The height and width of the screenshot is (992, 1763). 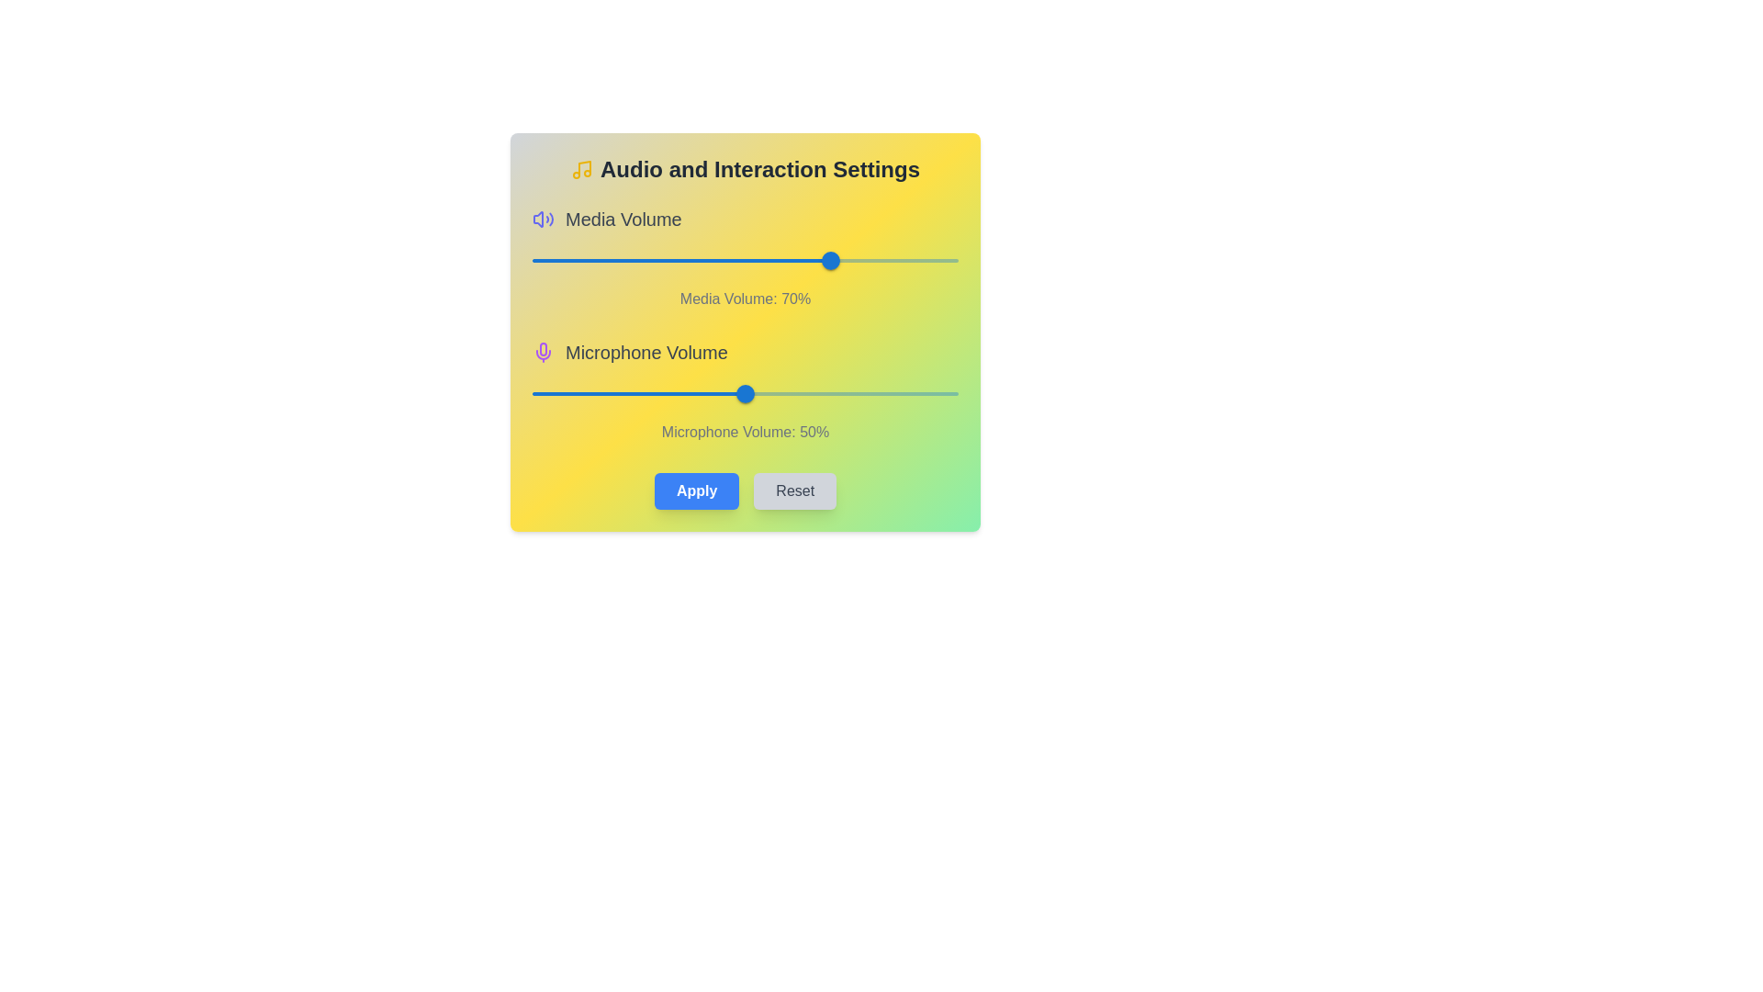 What do you see at coordinates (702, 392) in the screenshot?
I see `microphone volume` at bounding box center [702, 392].